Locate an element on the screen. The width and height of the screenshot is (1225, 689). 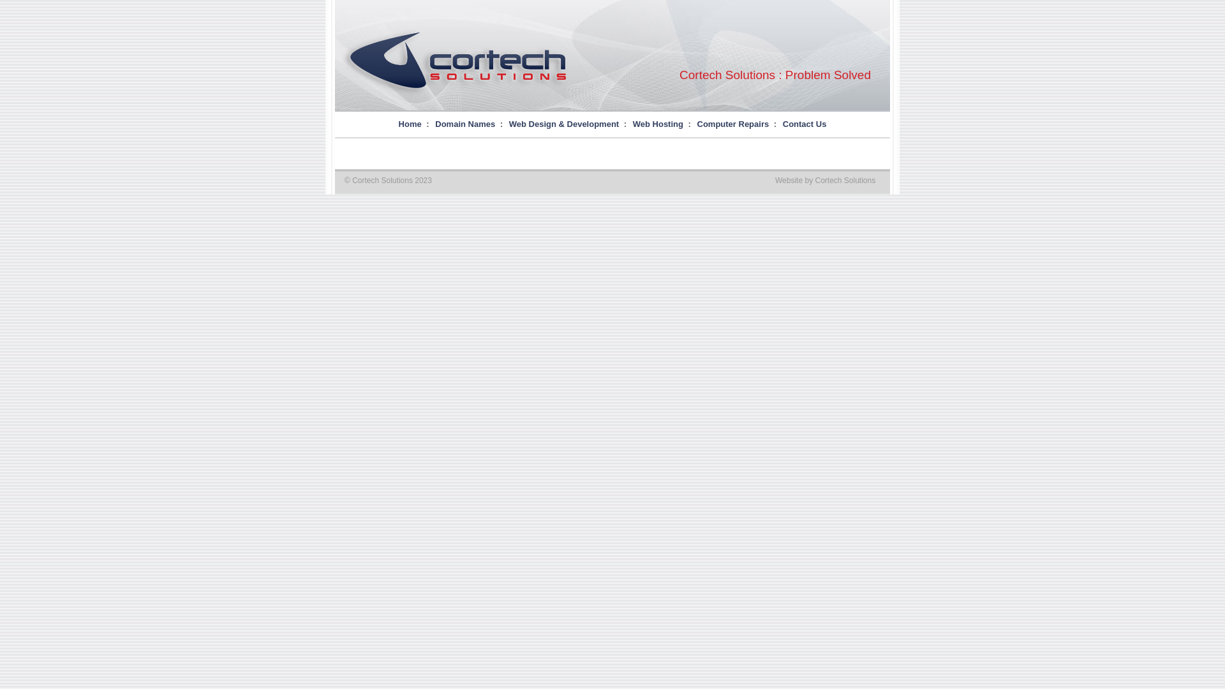
'Computer Repairs' is located at coordinates (732, 124).